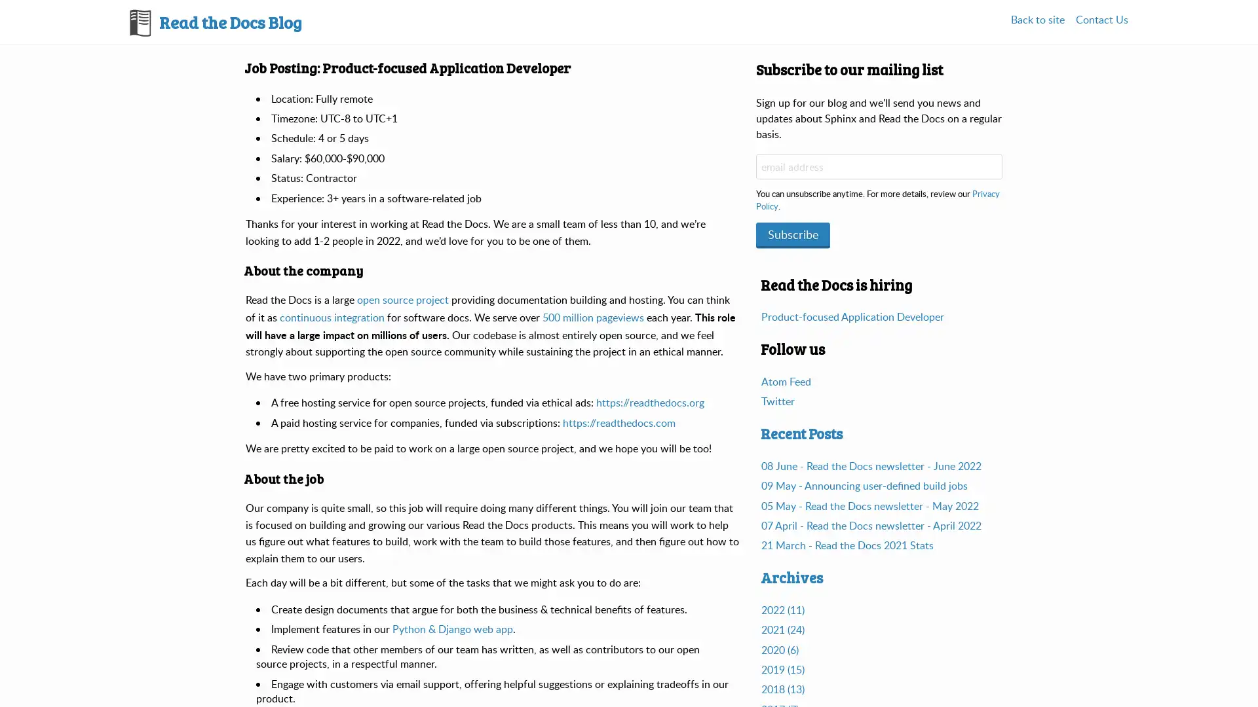 The image size is (1258, 707). What do you see at coordinates (792, 233) in the screenshot?
I see `Subscribe` at bounding box center [792, 233].